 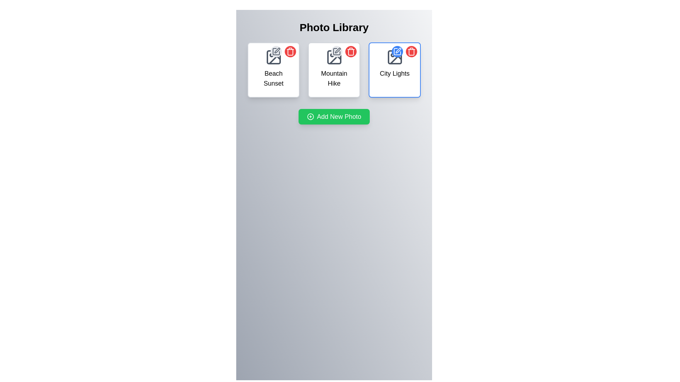 What do you see at coordinates (334, 116) in the screenshot?
I see `keyboard navigation` at bounding box center [334, 116].